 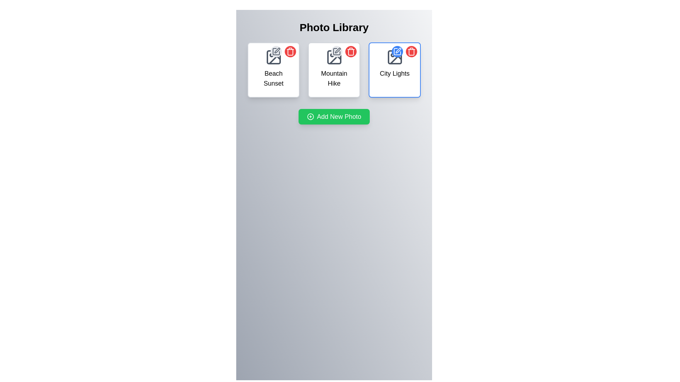 What do you see at coordinates (334, 116) in the screenshot?
I see `keyboard navigation` at bounding box center [334, 116].